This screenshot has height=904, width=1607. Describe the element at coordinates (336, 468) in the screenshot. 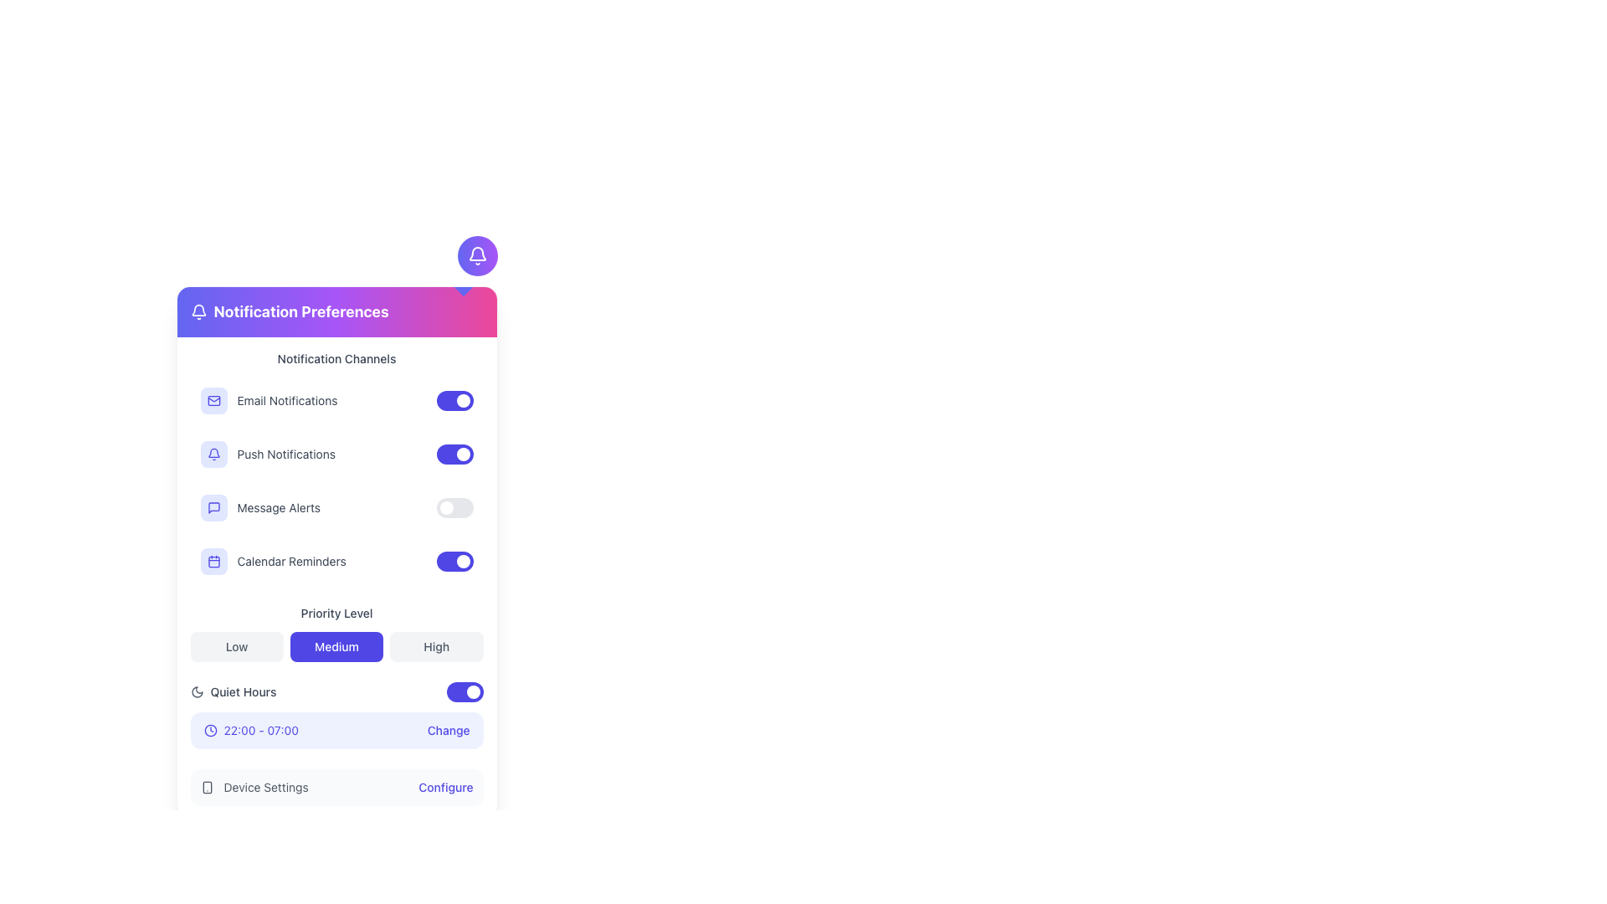

I see `the toggle switch for the 'Notification Channels' section` at that location.